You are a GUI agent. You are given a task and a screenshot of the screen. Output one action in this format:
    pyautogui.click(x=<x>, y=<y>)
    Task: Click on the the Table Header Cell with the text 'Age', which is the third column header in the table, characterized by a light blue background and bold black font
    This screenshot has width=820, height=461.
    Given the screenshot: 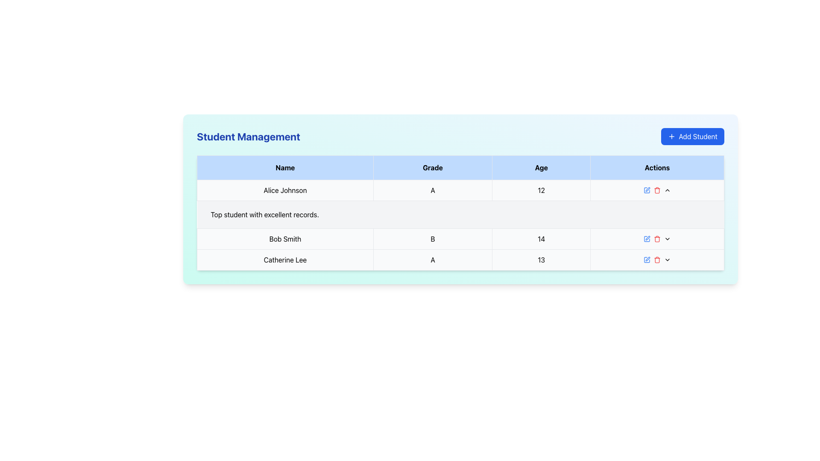 What is the action you would take?
    pyautogui.click(x=541, y=168)
    